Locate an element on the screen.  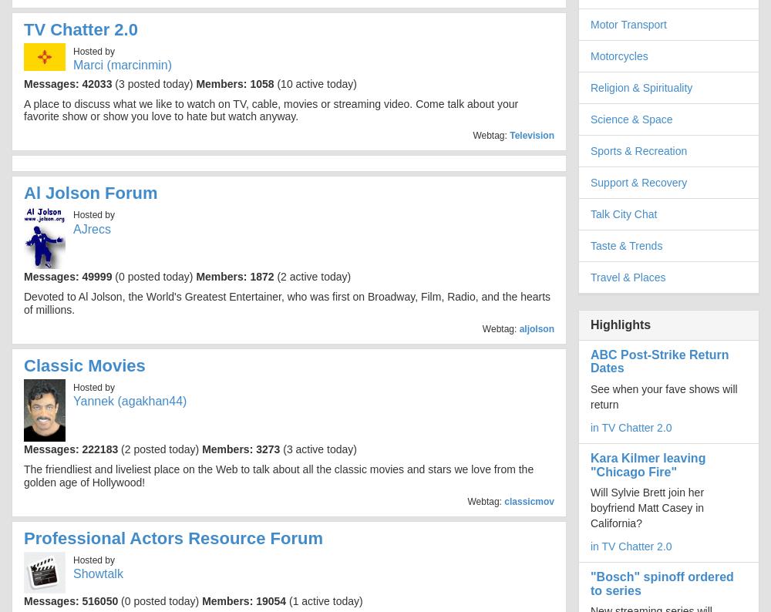
'TV Chatter 2.0' is located at coordinates (24, 28).